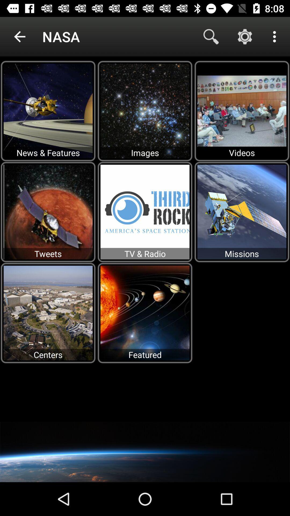 Image resolution: width=290 pixels, height=516 pixels. What do you see at coordinates (242, 212) in the screenshot?
I see `the option which is below the videos` at bounding box center [242, 212].